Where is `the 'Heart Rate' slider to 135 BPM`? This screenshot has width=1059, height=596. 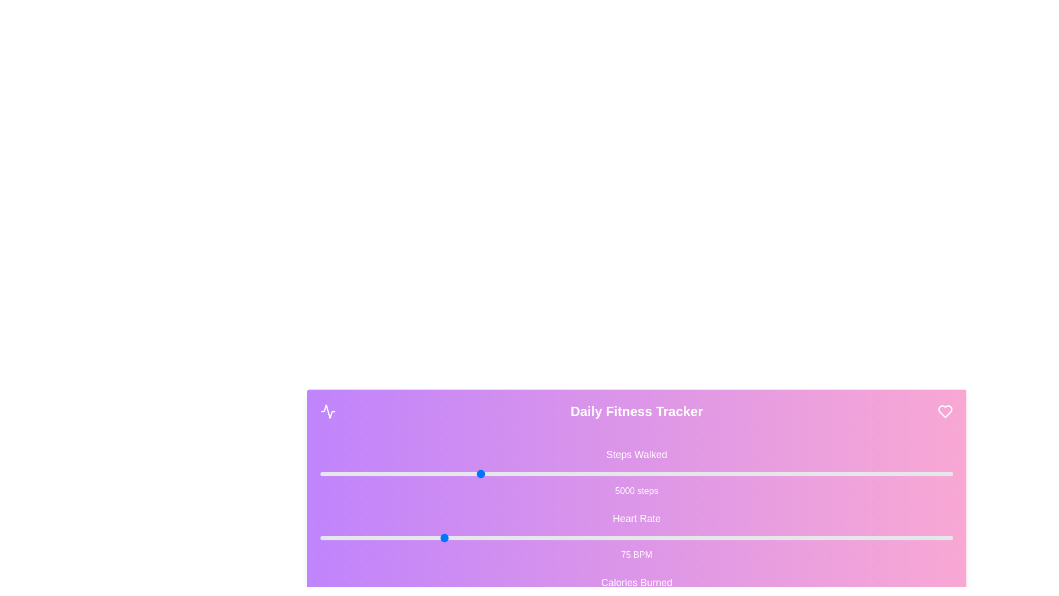
the 'Heart Rate' slider to 135 BPM is located at coordinates (734, 538).